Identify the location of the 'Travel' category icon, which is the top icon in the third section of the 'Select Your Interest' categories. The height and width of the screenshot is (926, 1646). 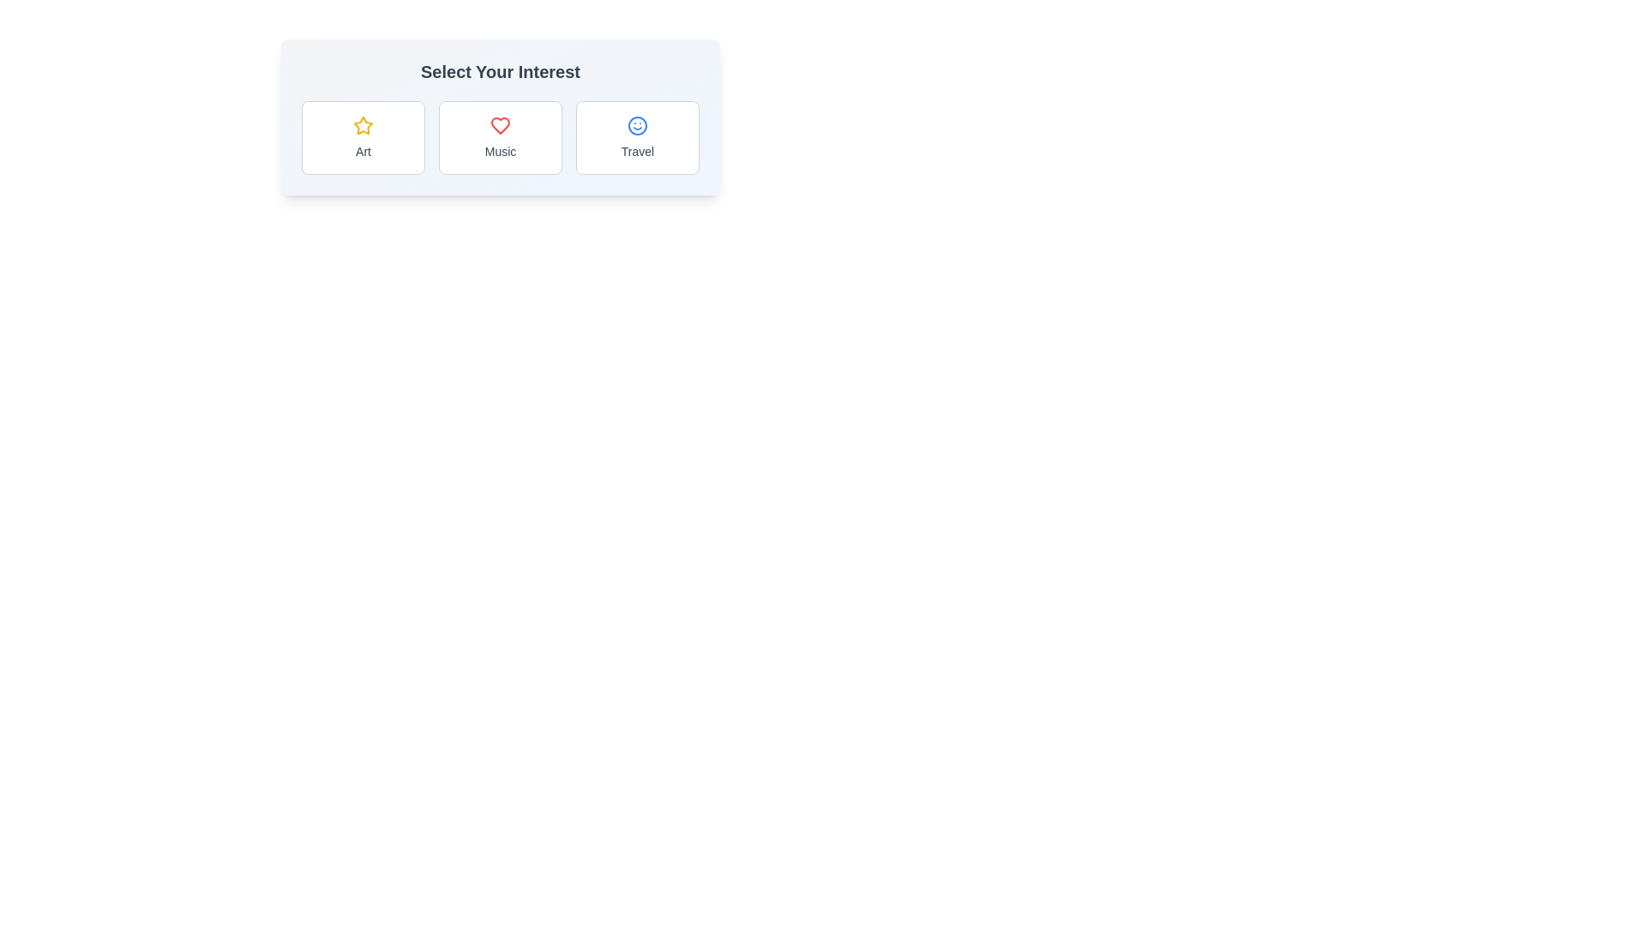
(637, 124).